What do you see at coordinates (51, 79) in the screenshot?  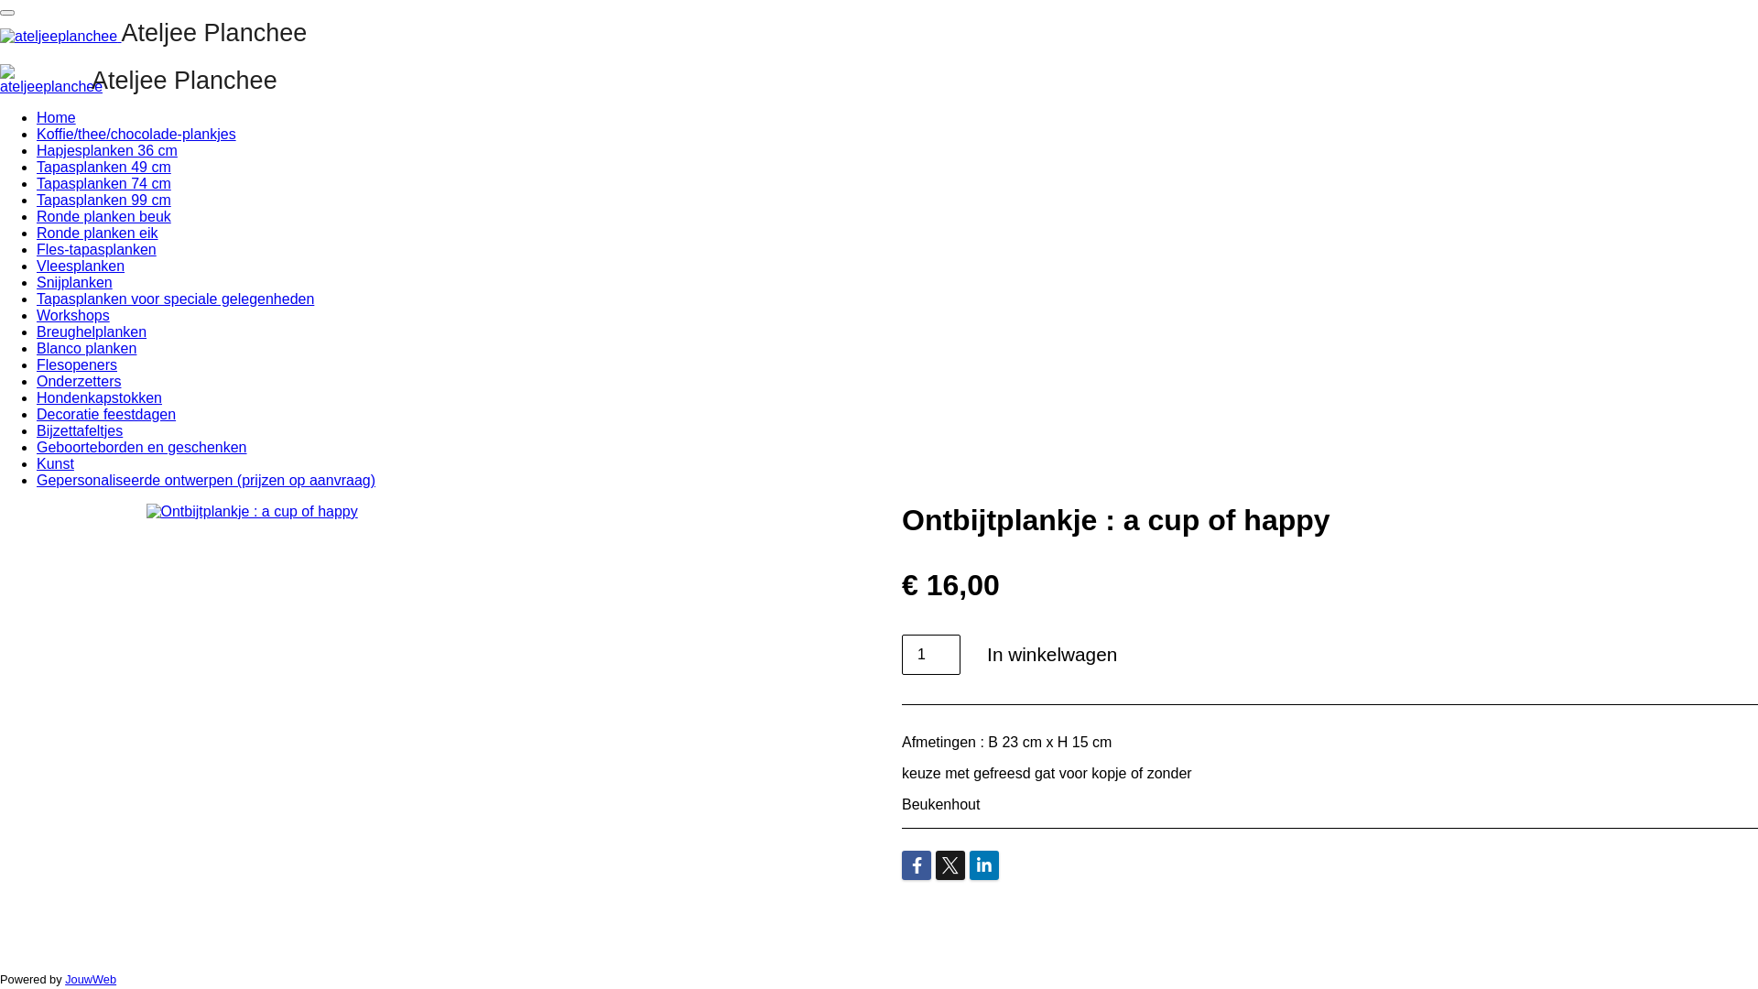 I see `'ateljeeplanchee'` at bounding box center [51, 79].